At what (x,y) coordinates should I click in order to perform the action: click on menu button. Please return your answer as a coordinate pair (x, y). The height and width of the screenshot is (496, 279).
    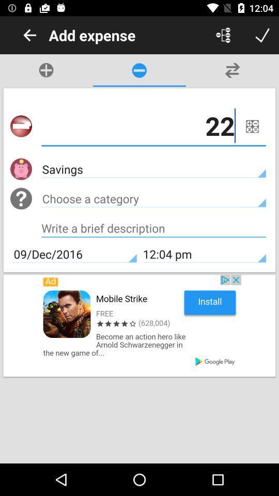
    Looking at the image, I should click on (252, 126).